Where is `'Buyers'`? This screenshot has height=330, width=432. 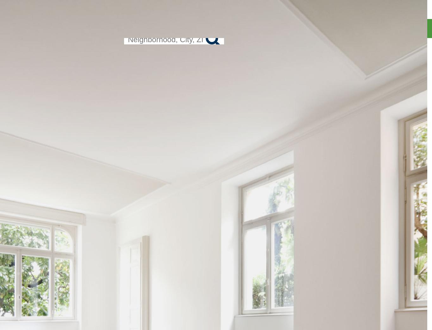
'Buyers' is located at coordinates (407, 41).